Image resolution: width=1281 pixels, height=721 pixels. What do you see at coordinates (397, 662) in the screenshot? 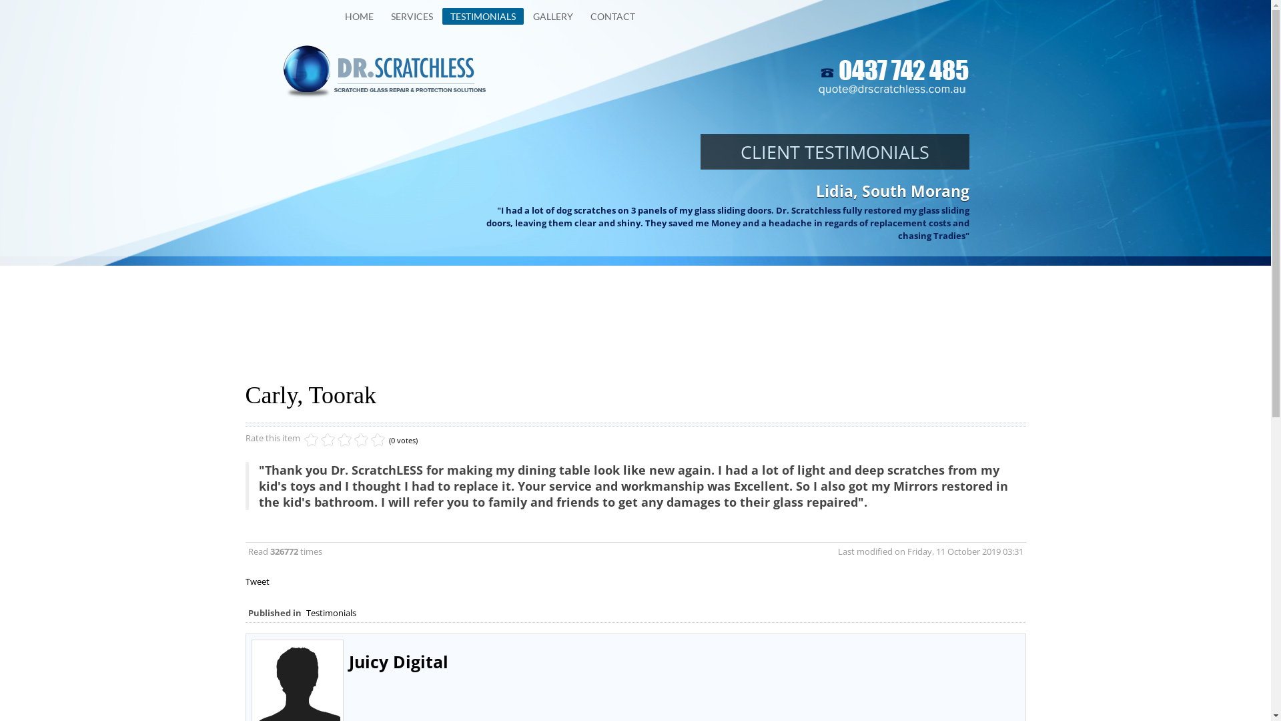
I see `'Juicy Digital'` at bounding box center [397, 662].